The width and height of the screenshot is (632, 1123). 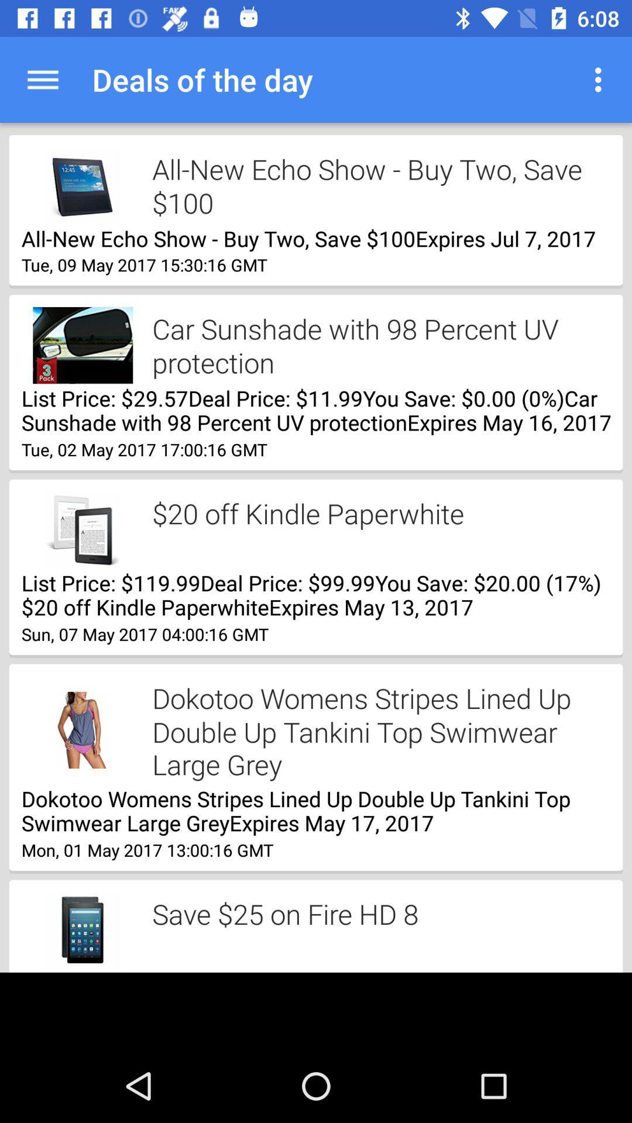 What do you see at coordinates (83, 729) in the screenshot?
I see `the second image from down` at bounding box center [83, 729].